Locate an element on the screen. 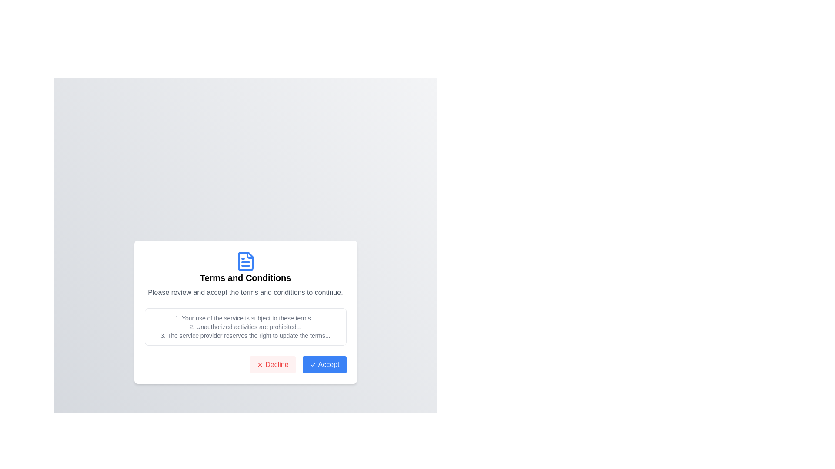 Image resolution: width=835 pixels, height=469 pixels. the prominently displayed 'Terms and Conditions' text element, which is styled in bold and large font, indicating its importance as a title is located at coordinates (245, 278).